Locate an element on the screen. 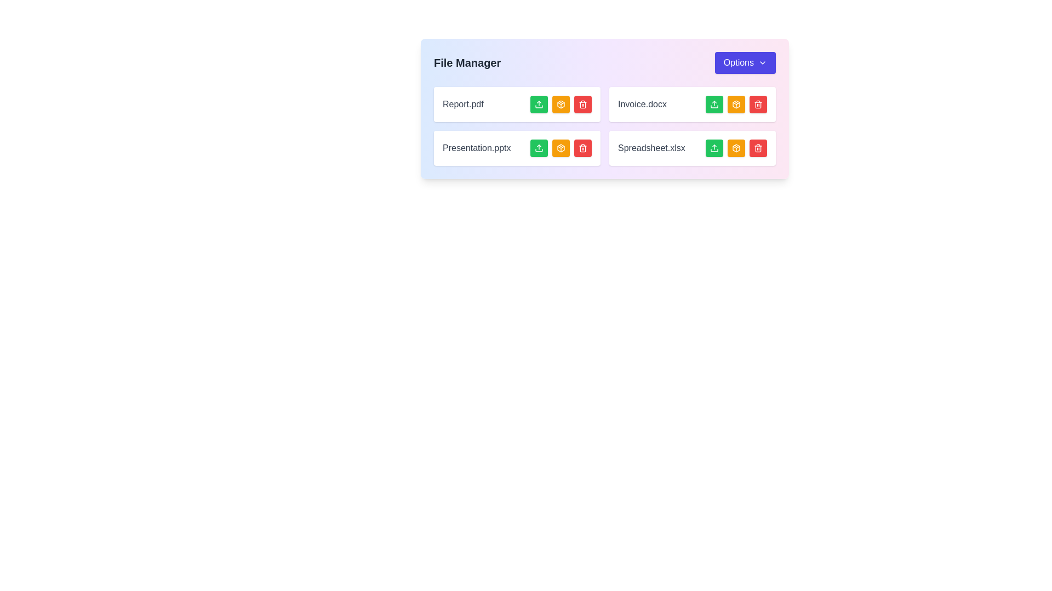 The image size is (1052, 591). the upload icon, represented by a green square with a white arrow pointing upwards, located in the bottom-right corner of the file manager interface next to Spreadsheet.xlsx is located at coordinates (714, 148).